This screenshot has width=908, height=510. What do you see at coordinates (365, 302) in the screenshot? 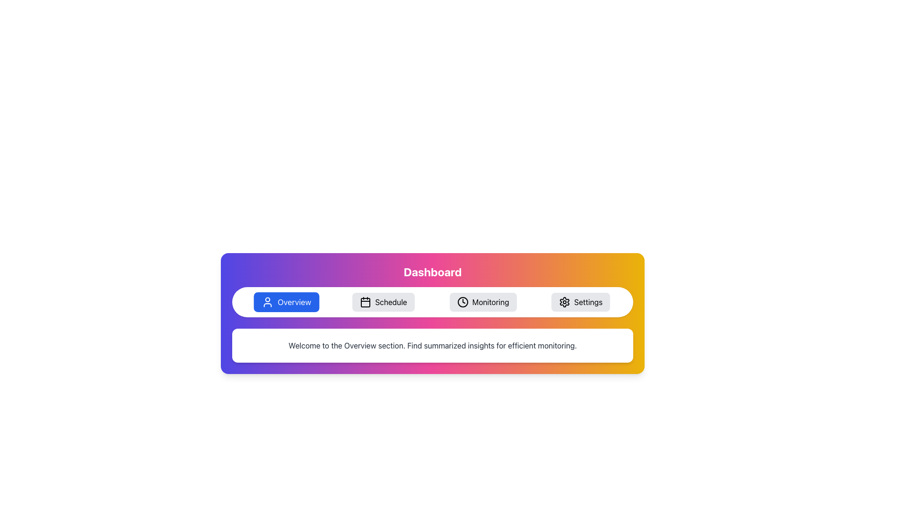
I see `the calendar icon in the navigation bar under the 'Schedule' label` at bounding box center [365, 302].